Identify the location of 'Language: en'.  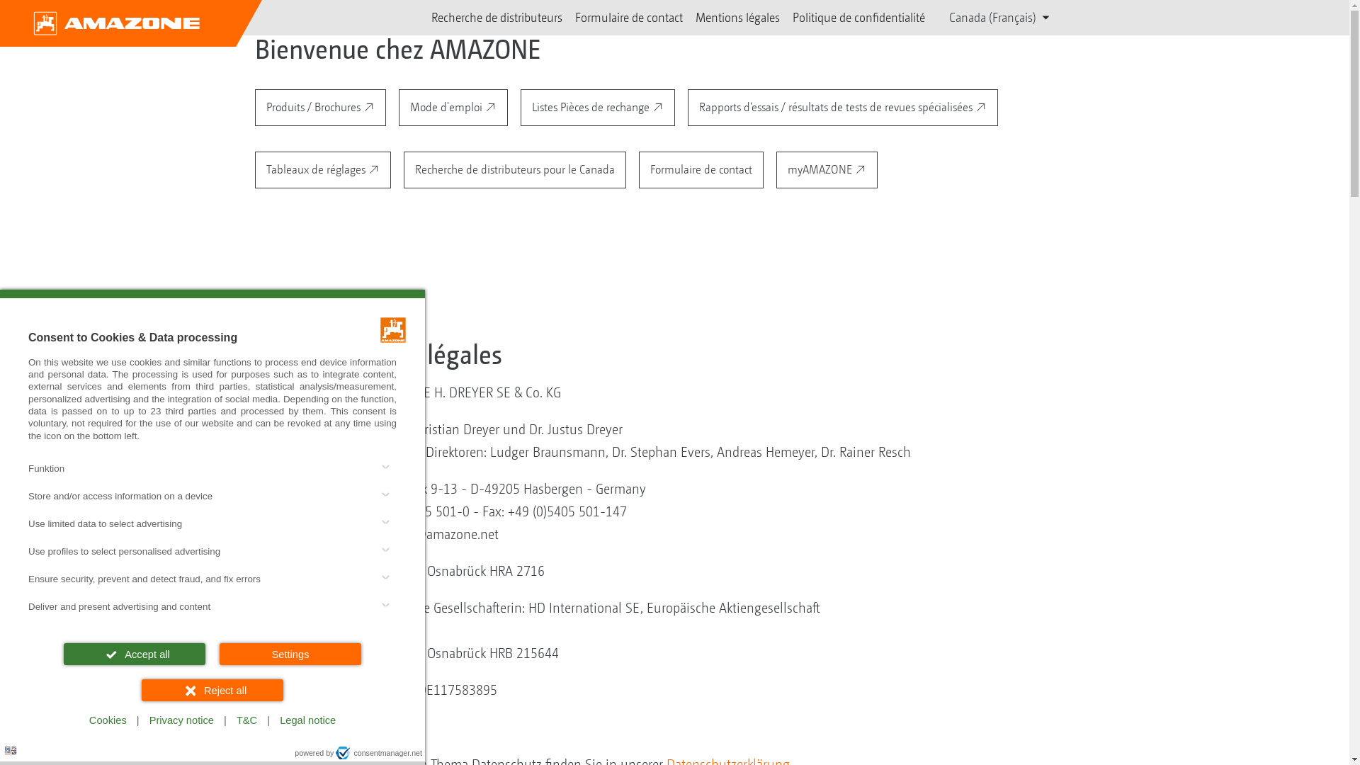
(10, 749).